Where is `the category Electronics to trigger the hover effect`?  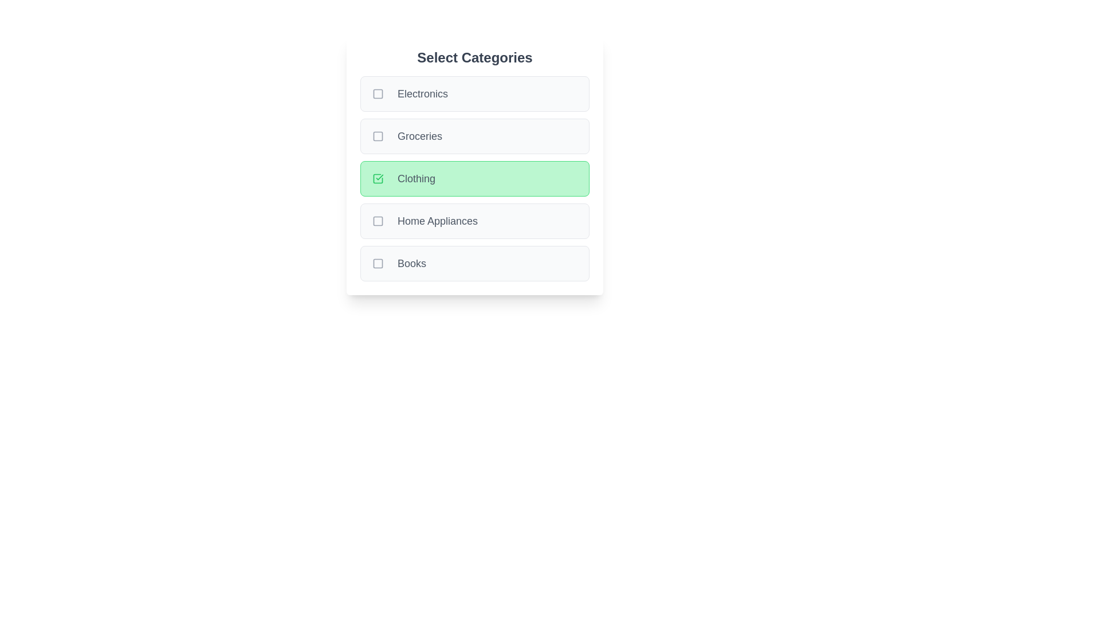 the category Electronics to trigger the hover effect is located at coordinates (475, 93).